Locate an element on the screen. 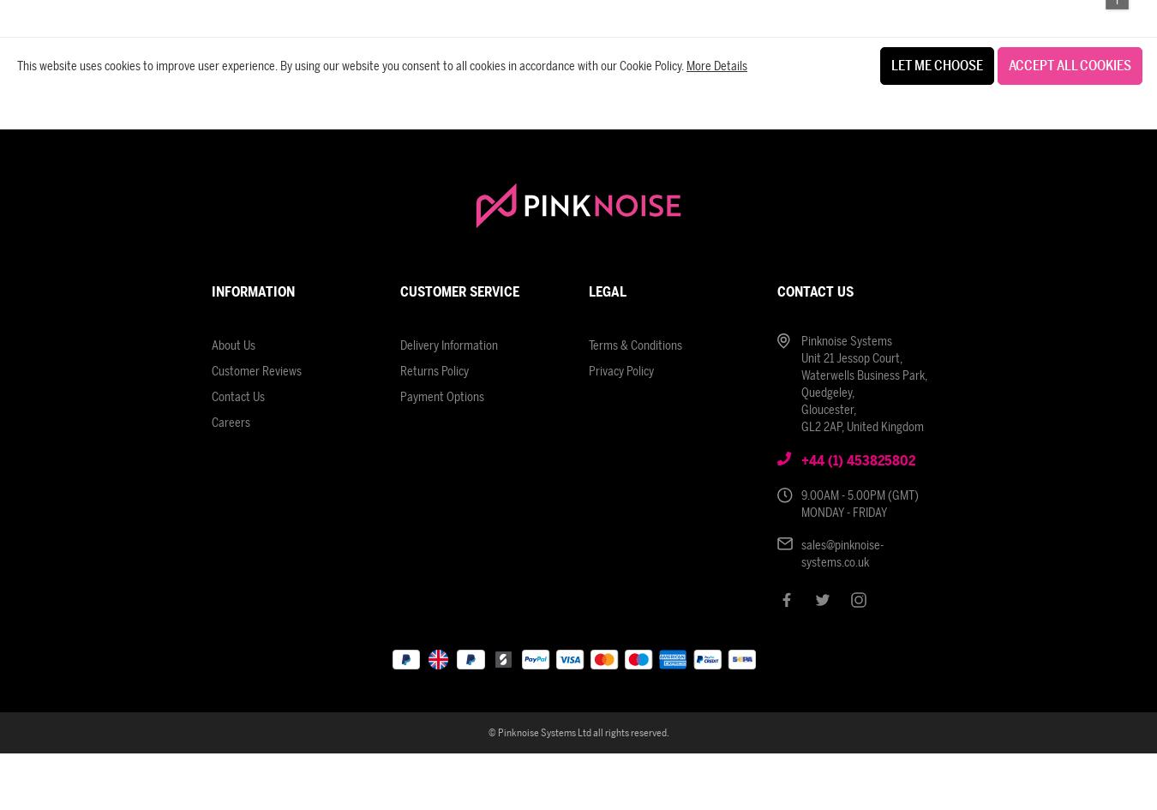 The height and width of the screenshot is (810, 1157). 'Payment Options' is located at coordinates (441, 397).